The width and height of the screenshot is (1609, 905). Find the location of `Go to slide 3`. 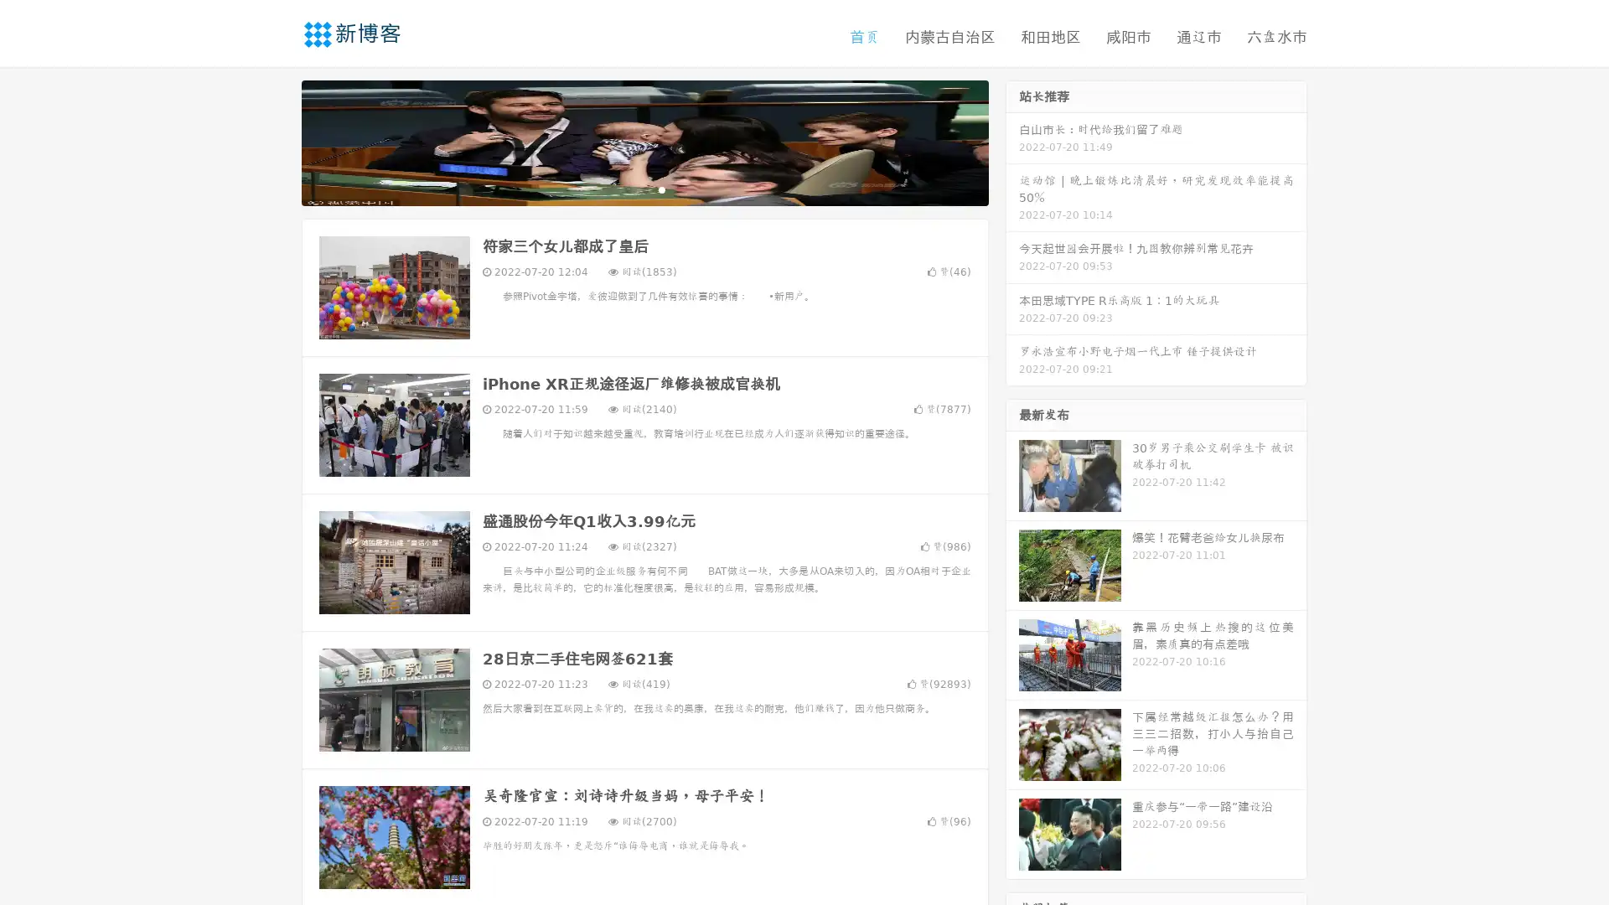

Go to slide 3 is located at coordinates (661, 189).